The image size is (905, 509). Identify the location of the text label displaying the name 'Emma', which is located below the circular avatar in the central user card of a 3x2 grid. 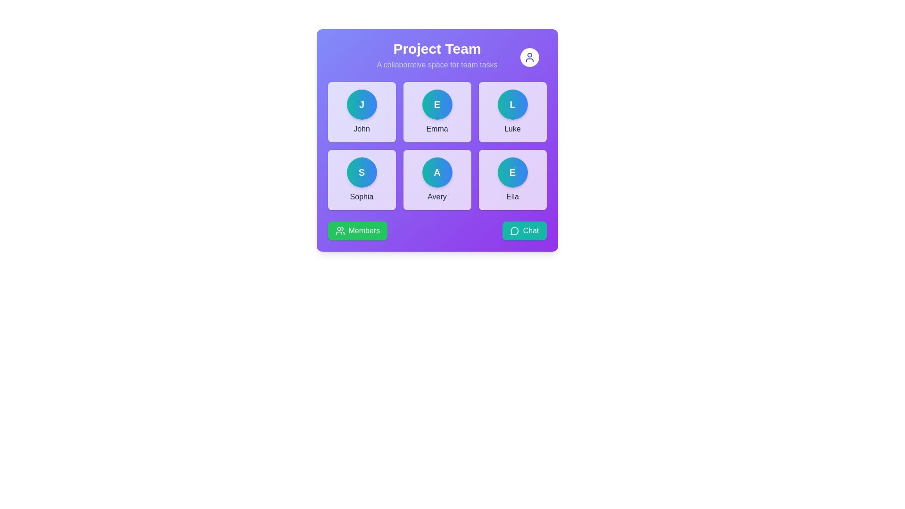
(436, 129).